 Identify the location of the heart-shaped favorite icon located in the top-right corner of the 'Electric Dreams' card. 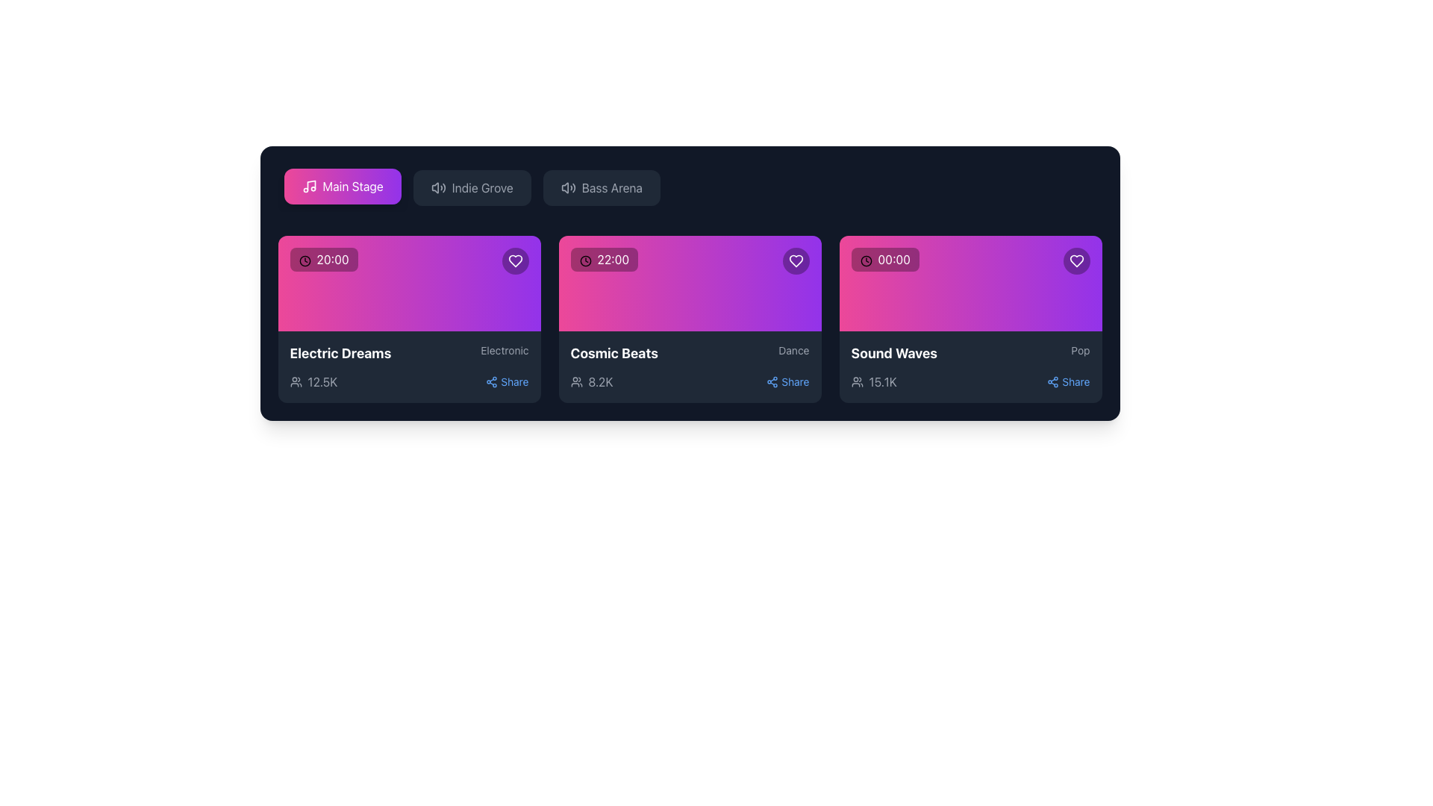
(515, 260).